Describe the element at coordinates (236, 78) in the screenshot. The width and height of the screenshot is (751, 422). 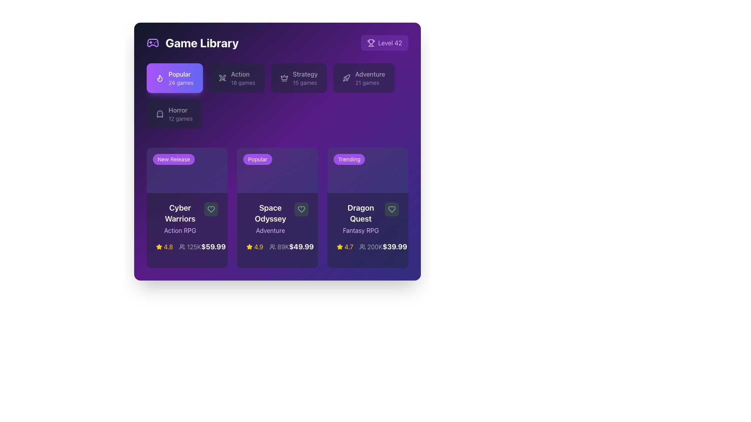
I see `the 'Action' games category selector button, which is the second button in the game library category section, positioned between the 'Popular' and 'Strategy' buttons` at that location.